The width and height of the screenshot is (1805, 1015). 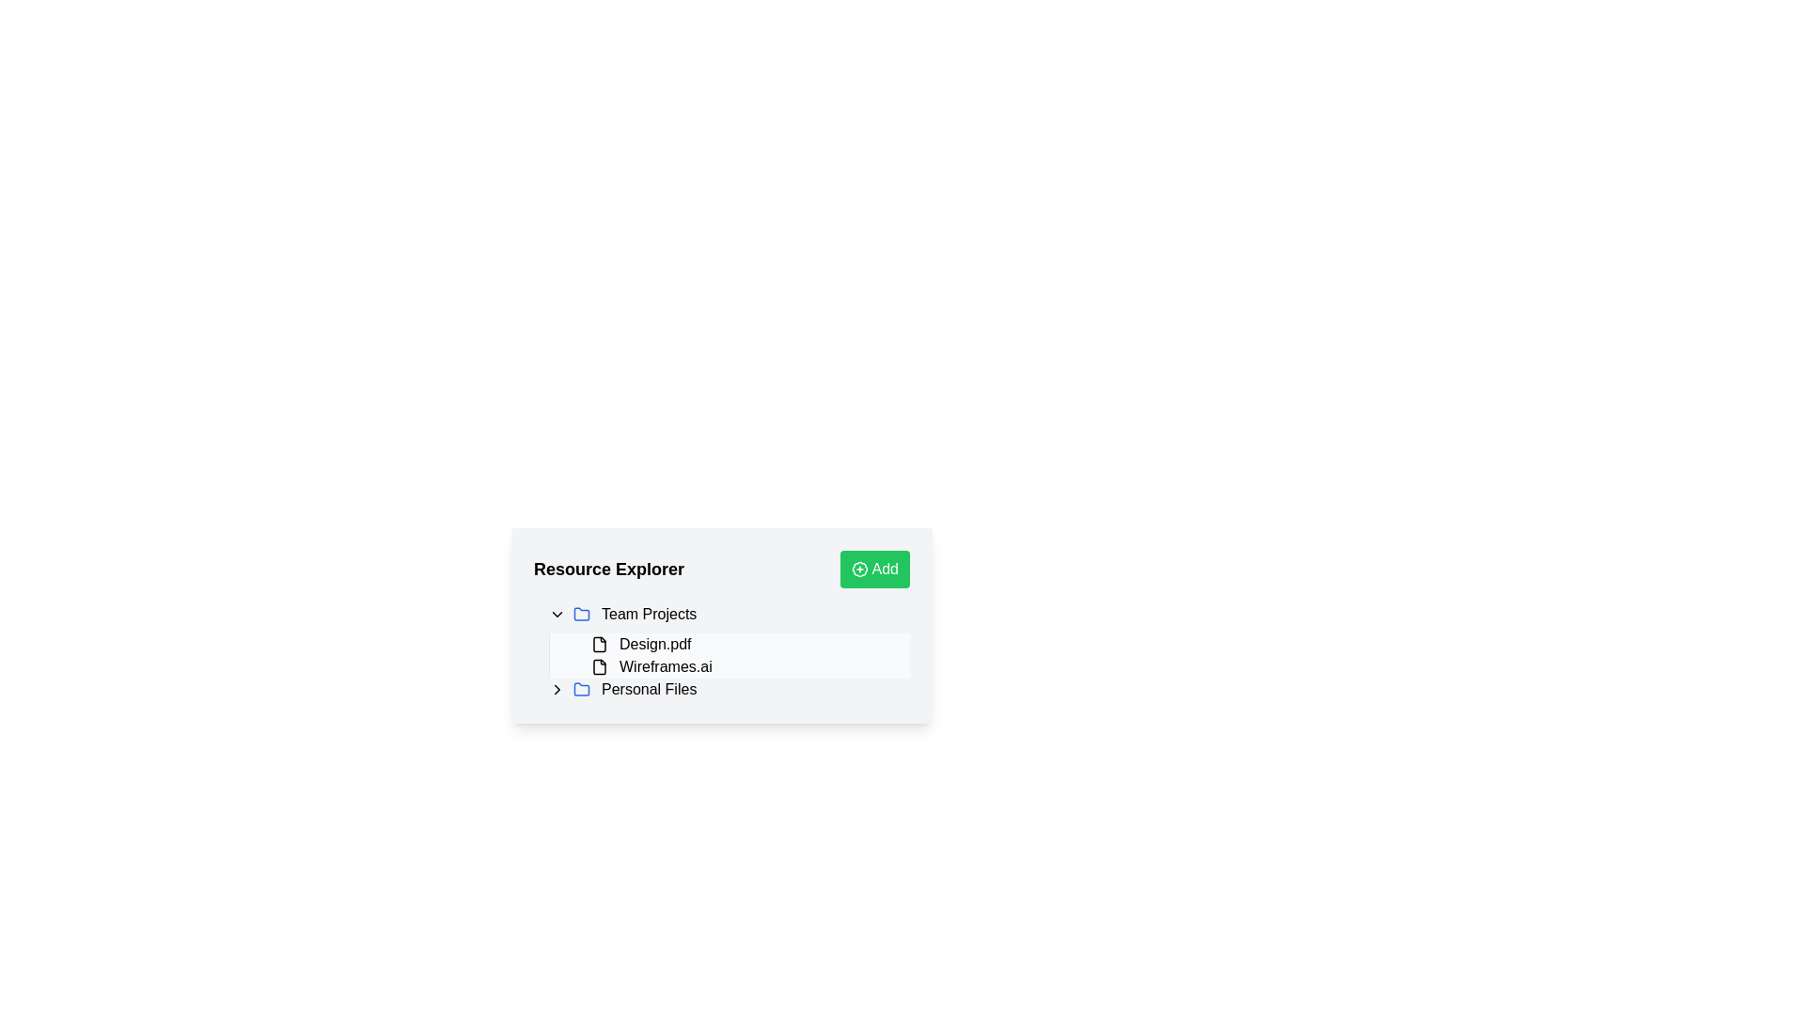 What do you see at coordinates (581, 688) in the screenshot?
I see `the small blue folder icon located in the 'Personal Files' section of the 'Resource Explorer' interface, which is positioned immediately before the text 'Personal Files'` at bounding box center [581, 688].